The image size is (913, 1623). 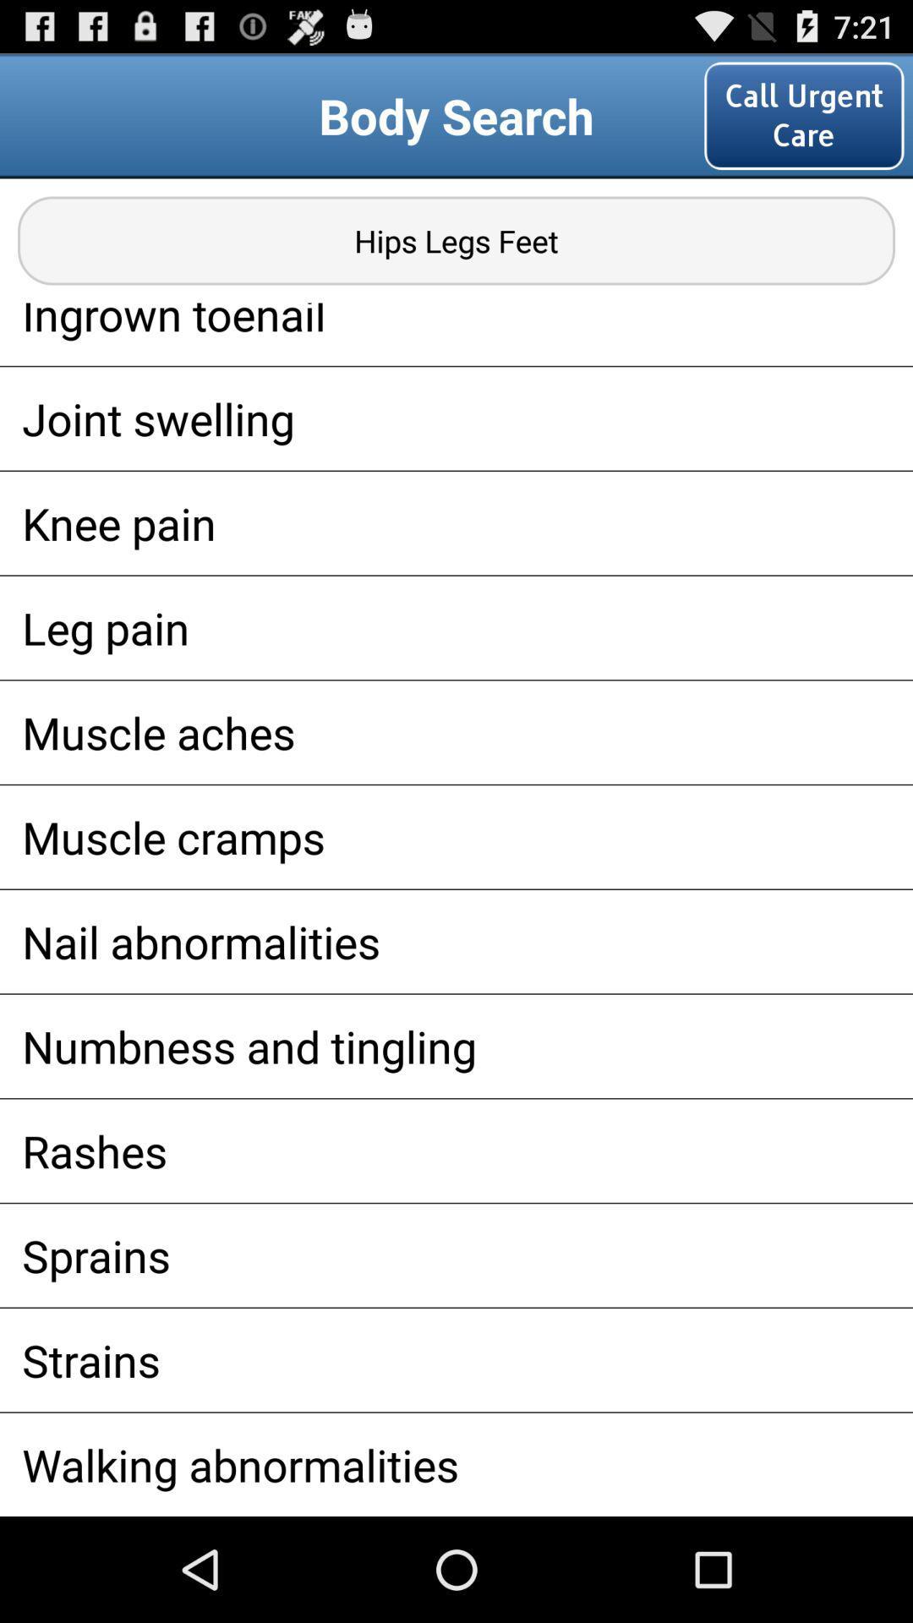 What do you see at coordinates (456, 732) in the screenshot?
I see `the item above muscle cramps` at bounding box center [456, 732].